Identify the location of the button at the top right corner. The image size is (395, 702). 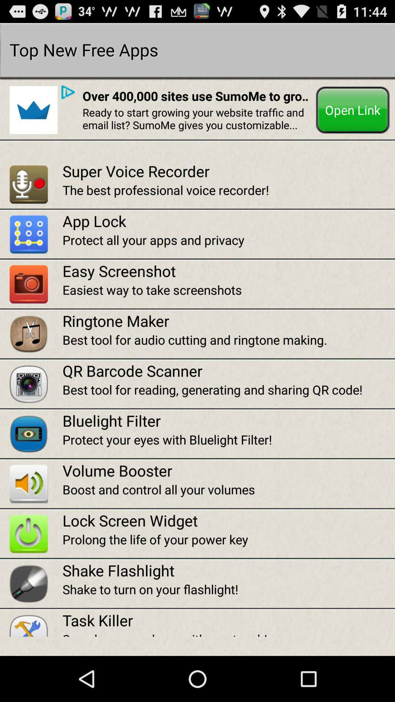
(352, 110).